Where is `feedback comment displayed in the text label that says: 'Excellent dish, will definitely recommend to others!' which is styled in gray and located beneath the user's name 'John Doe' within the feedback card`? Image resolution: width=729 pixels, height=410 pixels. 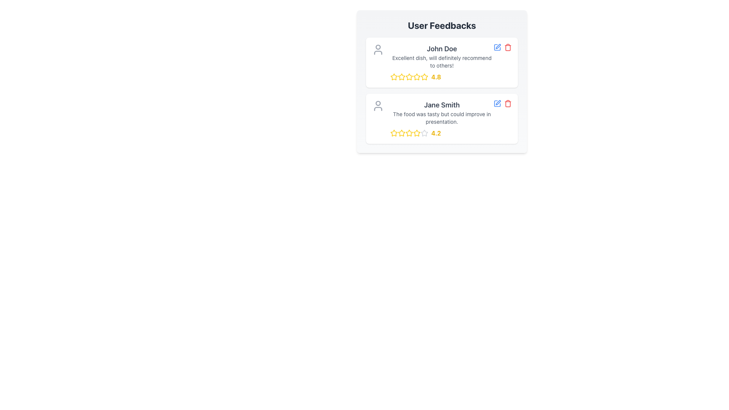 feedback comment displayed in the text label that says: 'Excellent dish, will definitely recommend to others!' which is styled in gray and located beneath the user's name 'John Doe' within the feedback card is located at coordinates (442, 61).